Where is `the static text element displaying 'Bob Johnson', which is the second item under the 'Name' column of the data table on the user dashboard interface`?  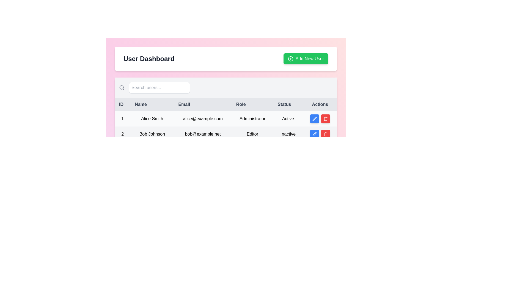
the static text element displaying 'Bob Johnson', which is the second item under the 'Name' column of the data table on the user dashboard interface is located at coordinates (152, 134).